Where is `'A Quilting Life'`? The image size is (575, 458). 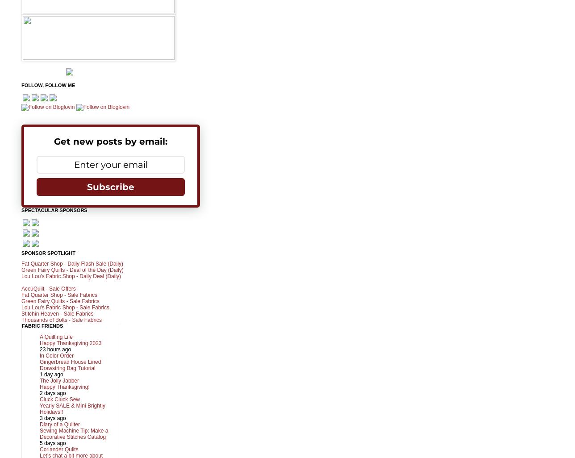
'A Quilting Life' is located at coordinates (56, 337).